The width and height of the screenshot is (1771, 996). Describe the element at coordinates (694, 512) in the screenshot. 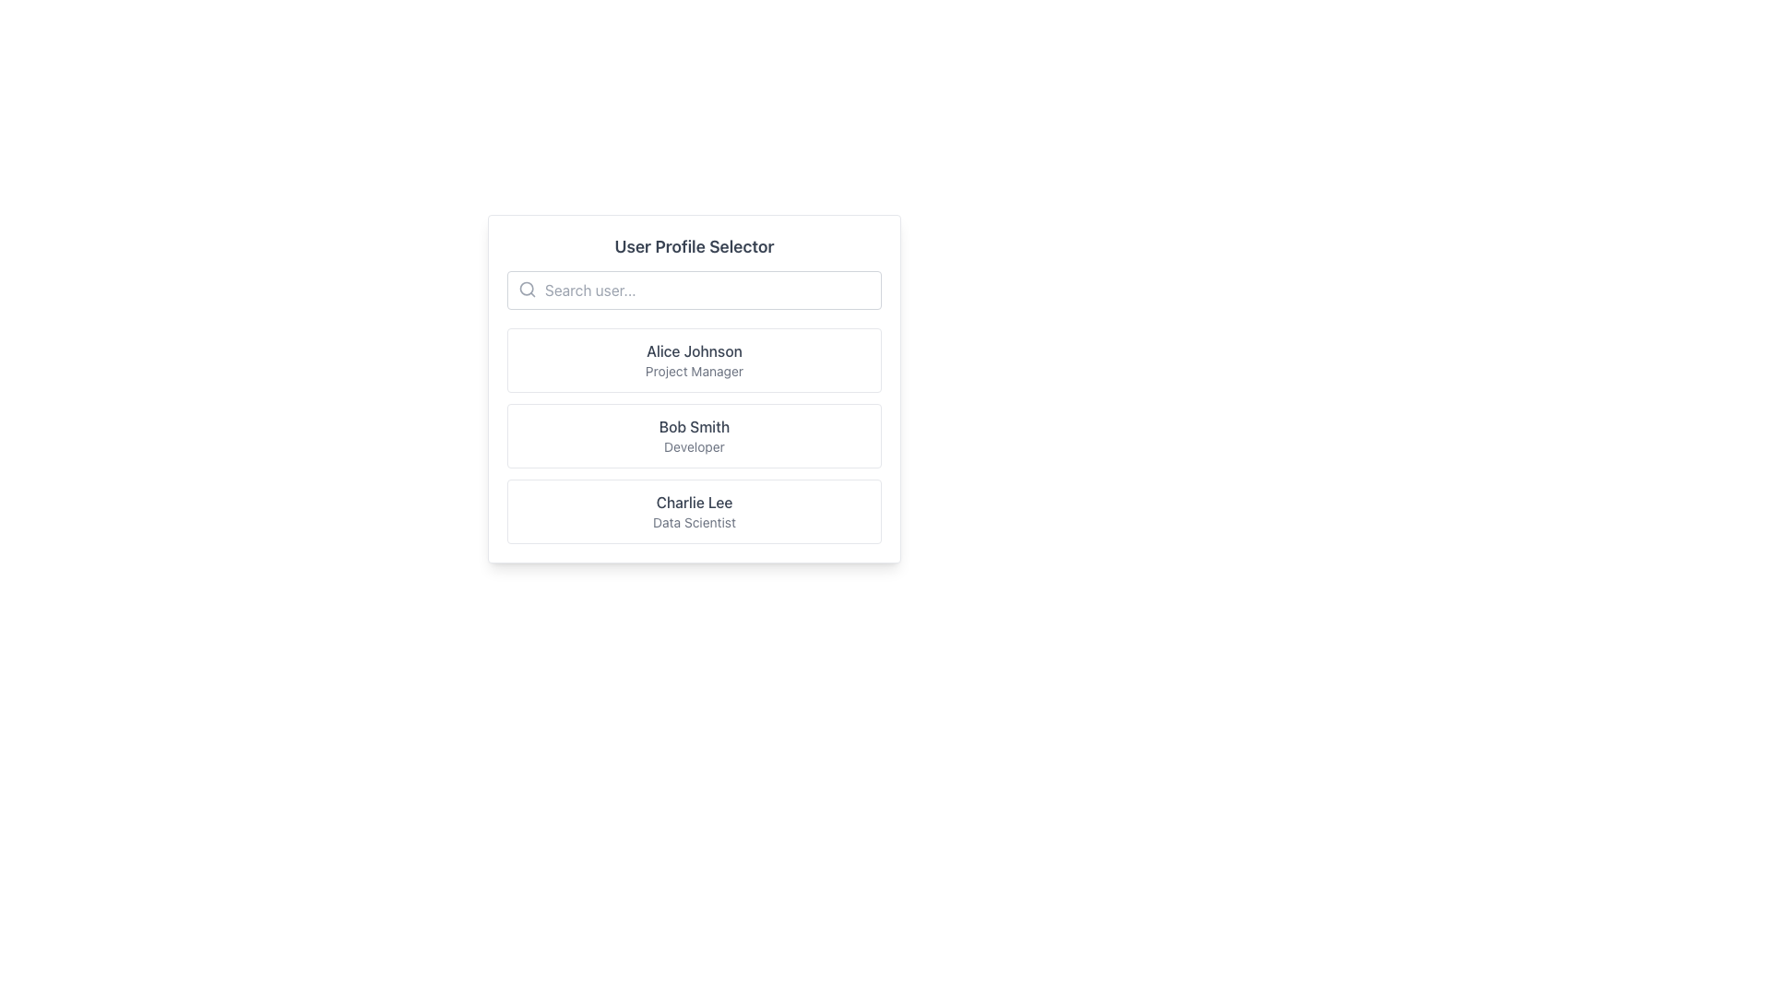

I see `the user profile selection tile displaying 'Charlie Lee - Data Scientist'` at that location.